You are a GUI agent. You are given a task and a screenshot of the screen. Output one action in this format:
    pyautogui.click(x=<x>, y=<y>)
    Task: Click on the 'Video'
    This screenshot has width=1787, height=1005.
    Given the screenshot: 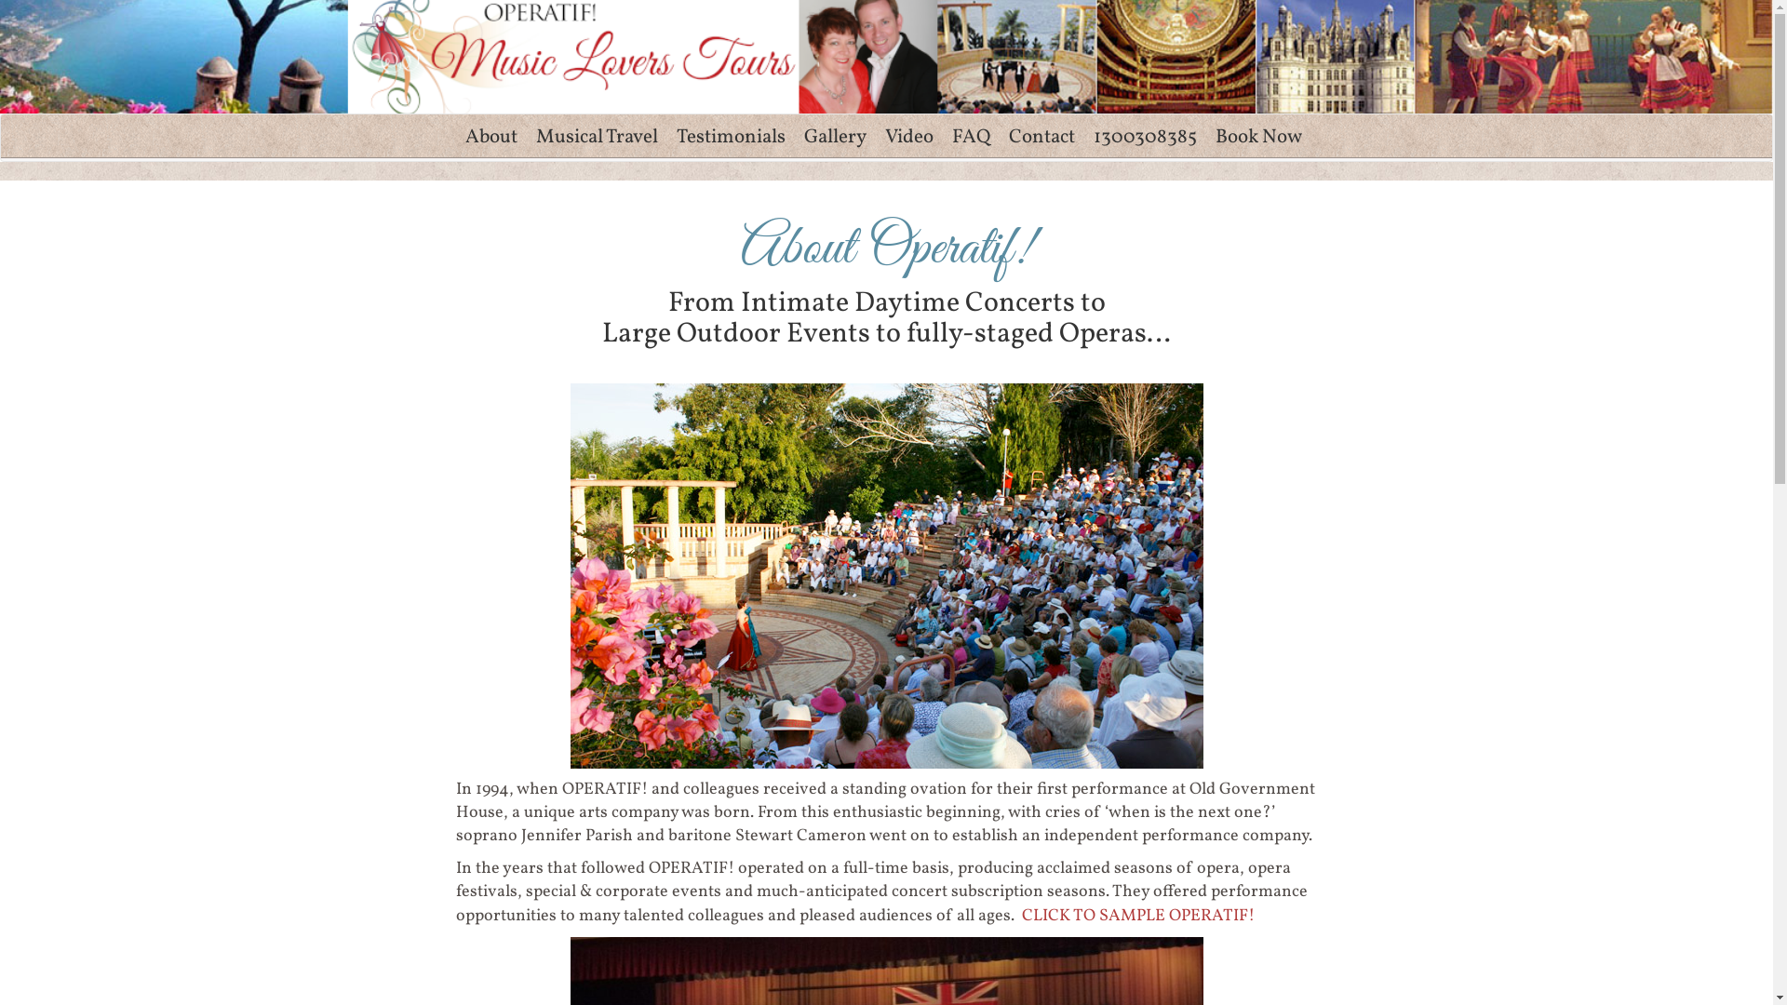 What is the action you would take?
    pyautogui.click(x=907, y=136)
    